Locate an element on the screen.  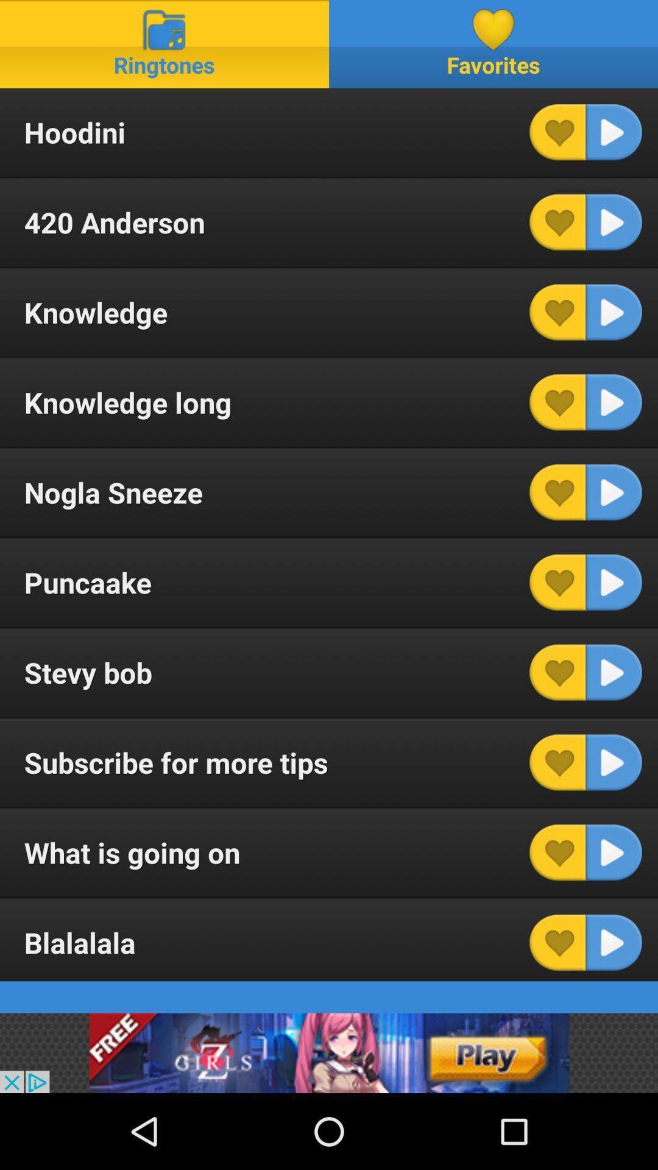
to favorites is located at coordinates (557, 132).